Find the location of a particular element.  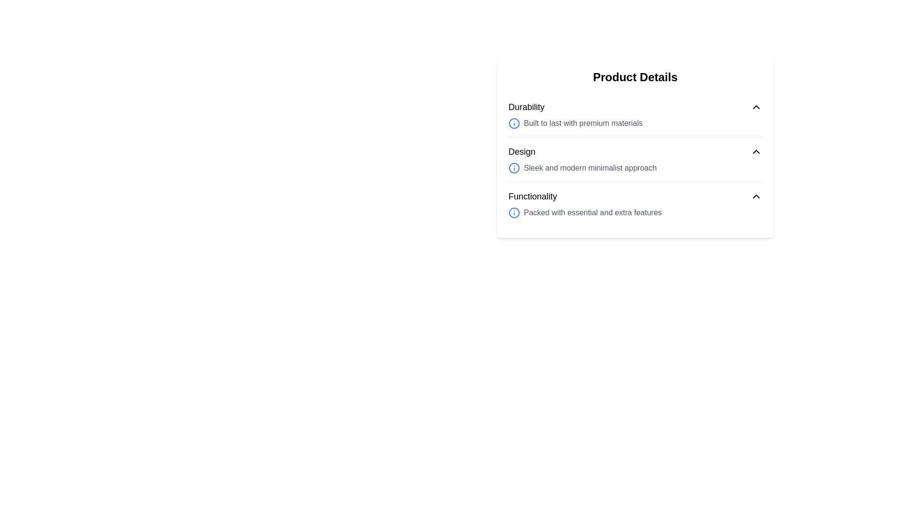

the SVG Circle element with a blue border located beside the 'Durability' text is located at coordinates (513, 123).